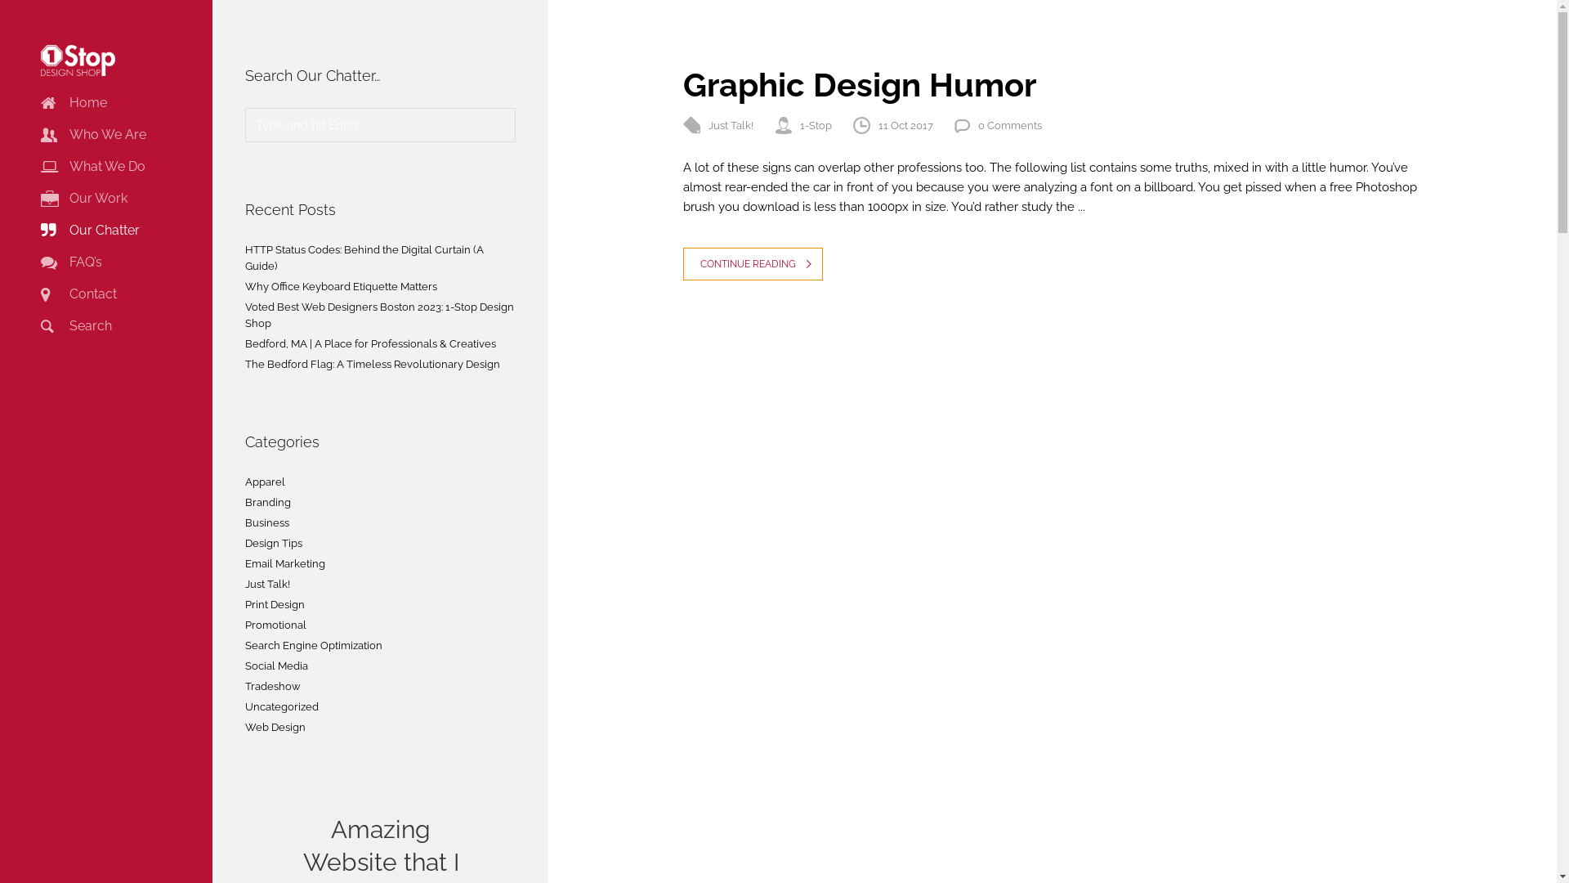 The image size is (1569, 883). Describe the element at coordinates (369, 343) in the screenshot. I see `'Bedford, MA | A Place for Professionals & Creatives'` at that location.